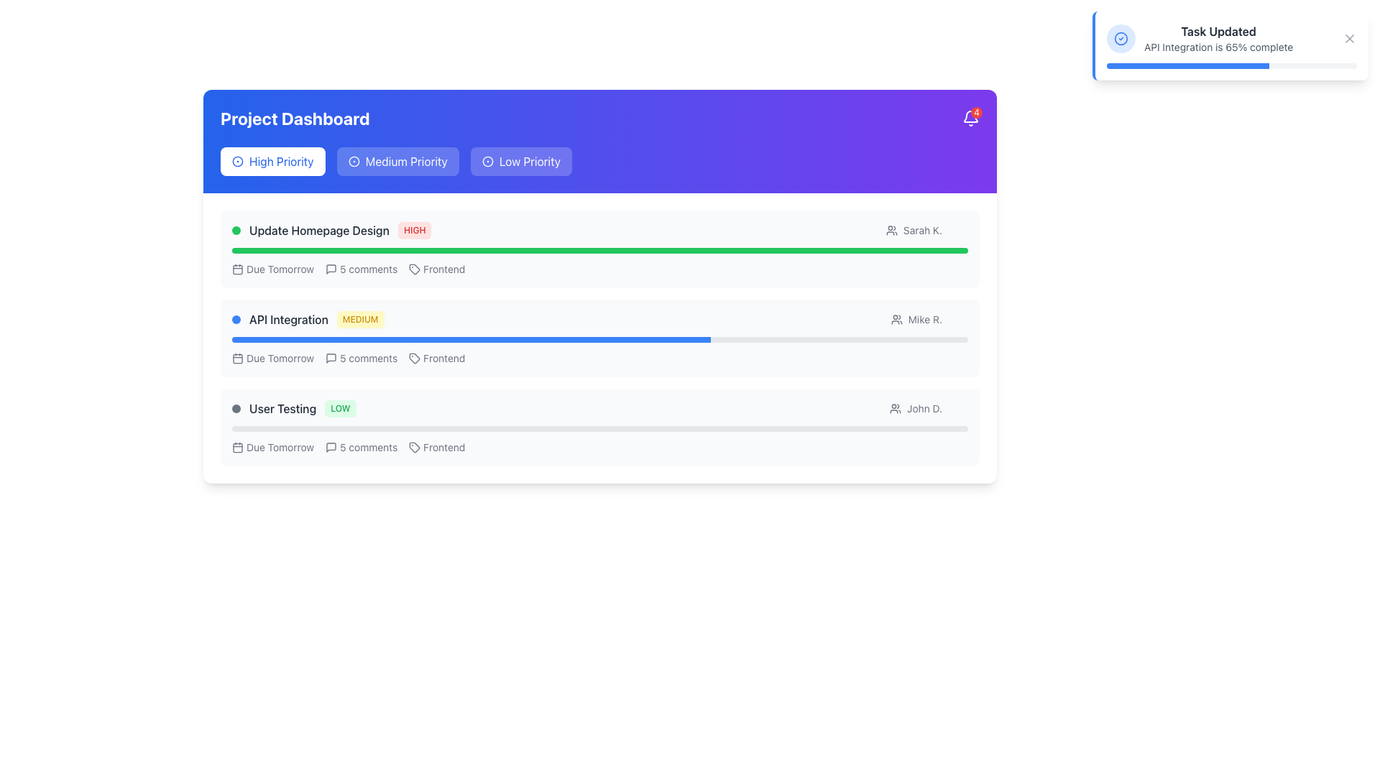  I want to click on the Non-interactive labeled icon that features a calendar icon and the text 'Due Tomorrow' located under the 'Update Homepage Design' section, so click(273, 269).